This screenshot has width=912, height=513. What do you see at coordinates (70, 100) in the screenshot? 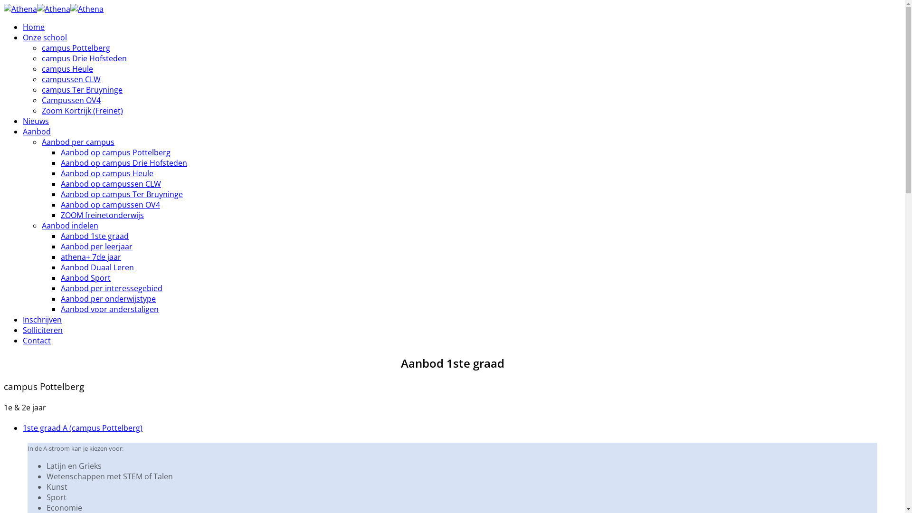
I see `'Campussen OV4'` at bounding box center [70, 100].